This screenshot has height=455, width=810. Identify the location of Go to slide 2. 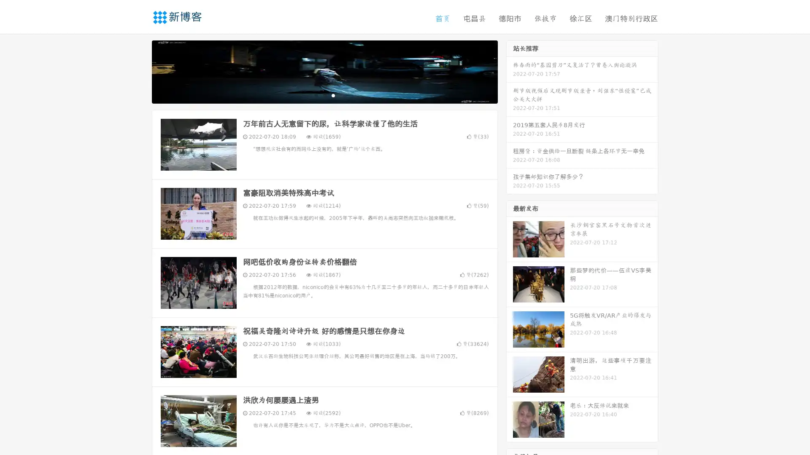
(324, 95).